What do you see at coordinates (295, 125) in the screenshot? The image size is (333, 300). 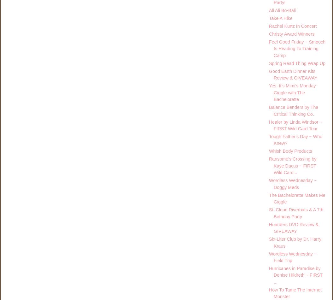 I see `'Healer by Linda Windsor ~ FIRST Wild Card Tour'` at bounding box center [295, 125].